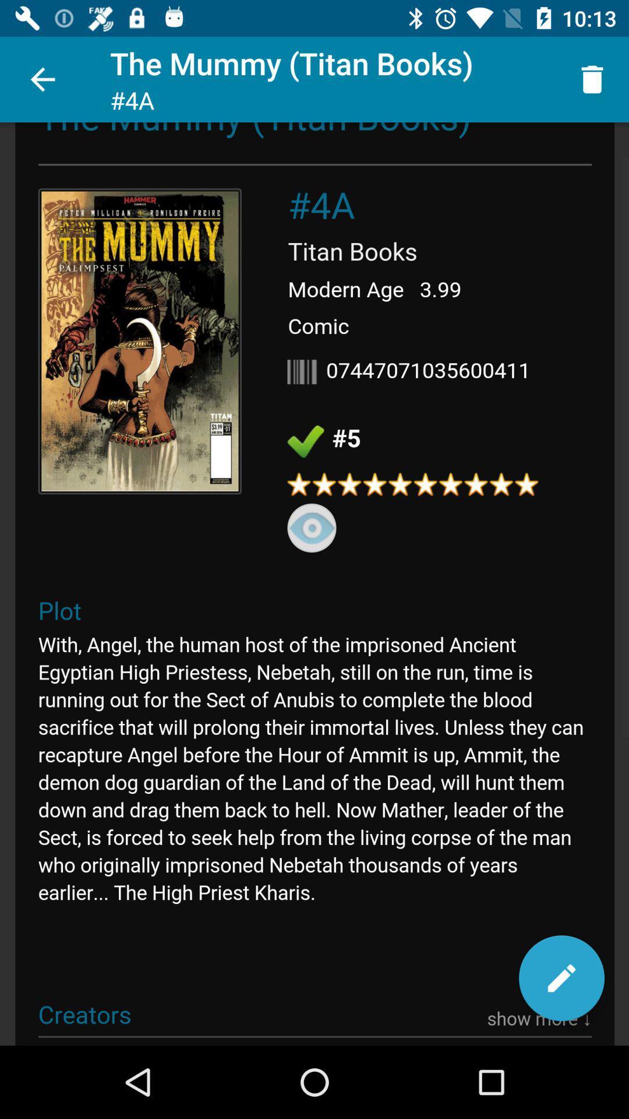 This screenshot has width=629, height=1119. I want to click on edit your input, so click(561, 978).